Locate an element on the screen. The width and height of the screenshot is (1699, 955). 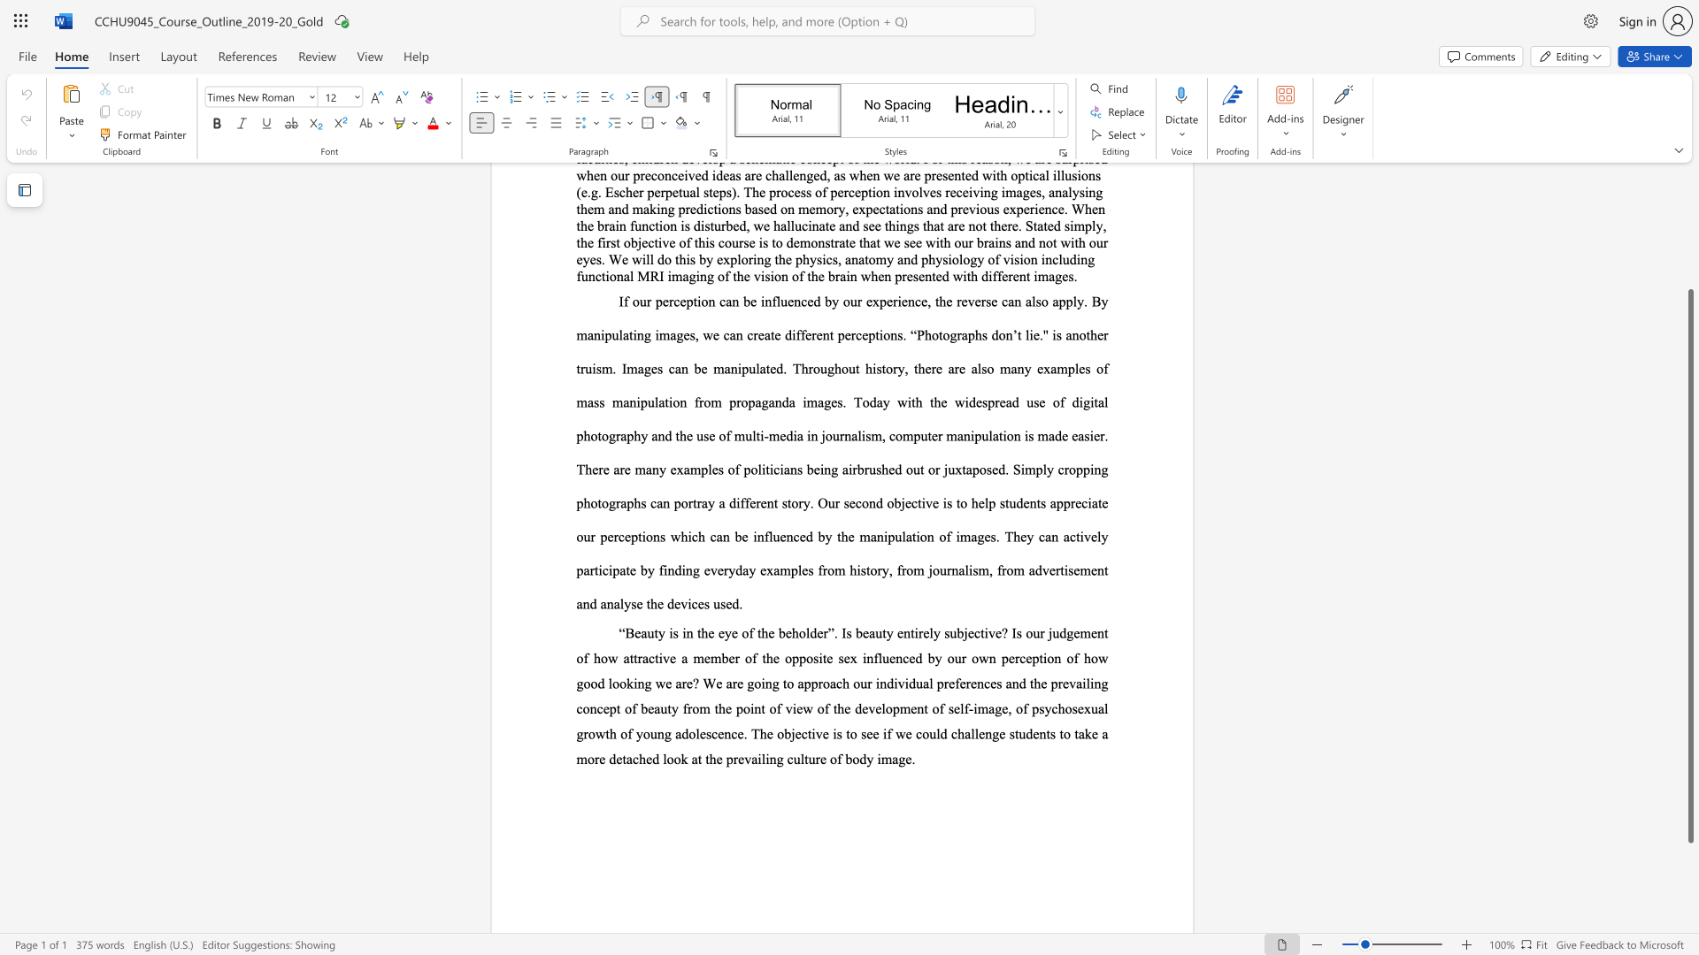
the scrollbar and move up 90 pixels is located at coordinates (1689, 566).